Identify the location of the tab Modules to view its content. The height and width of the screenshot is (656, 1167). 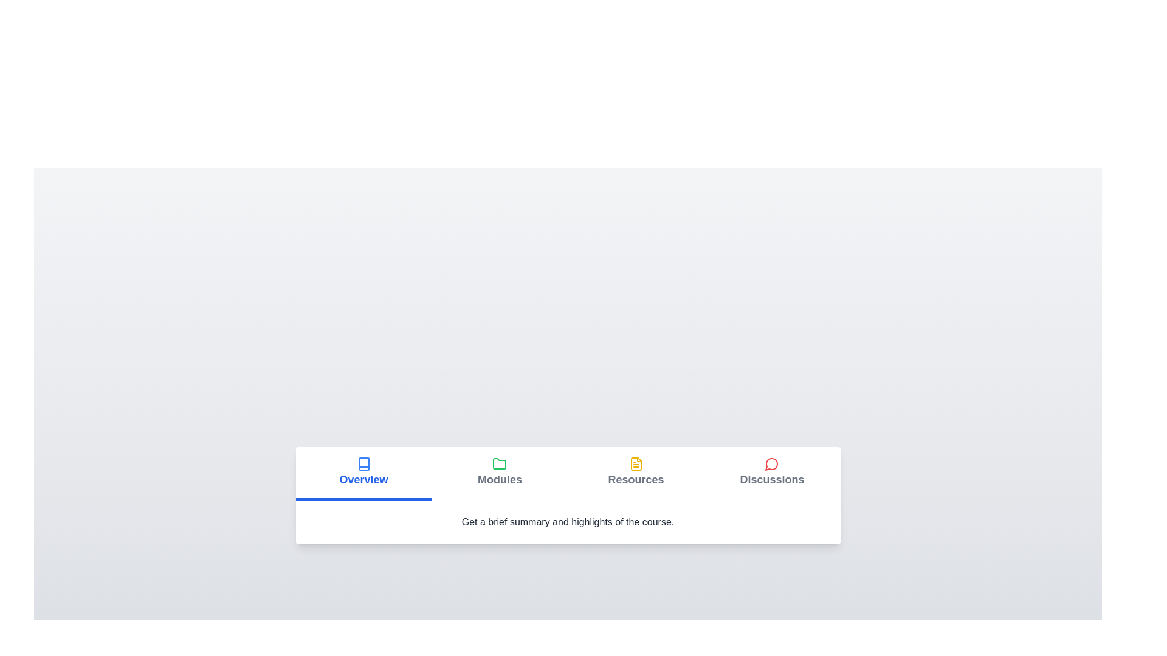
(500, 473).